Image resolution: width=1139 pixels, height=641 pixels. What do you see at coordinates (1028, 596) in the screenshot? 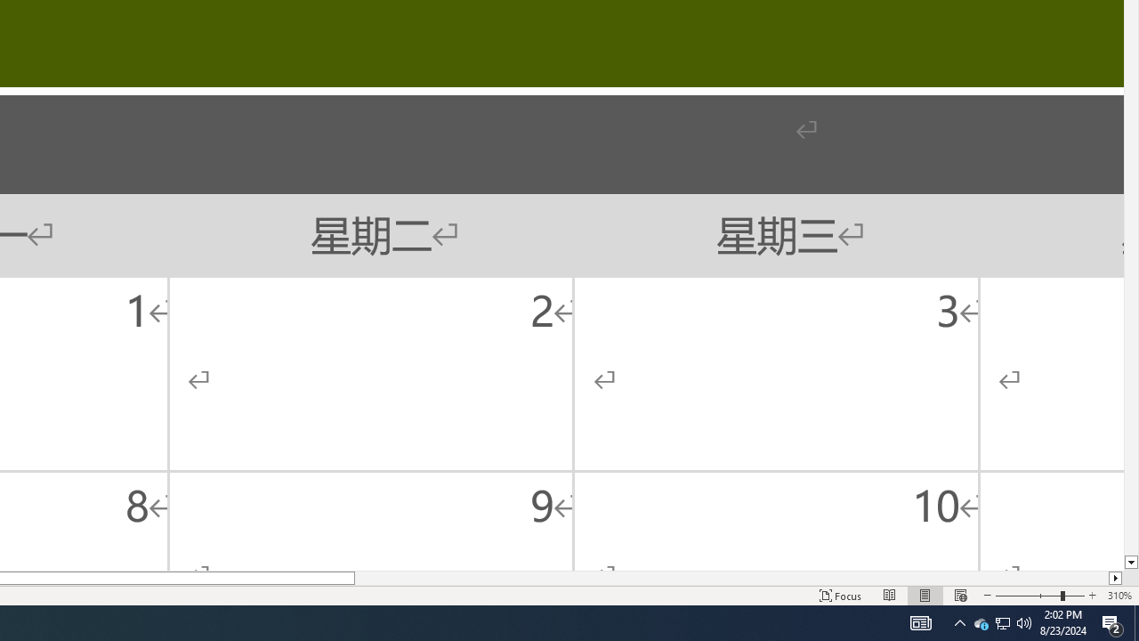
I see `'Zoom Out'` at bounding box center [1028, 596].